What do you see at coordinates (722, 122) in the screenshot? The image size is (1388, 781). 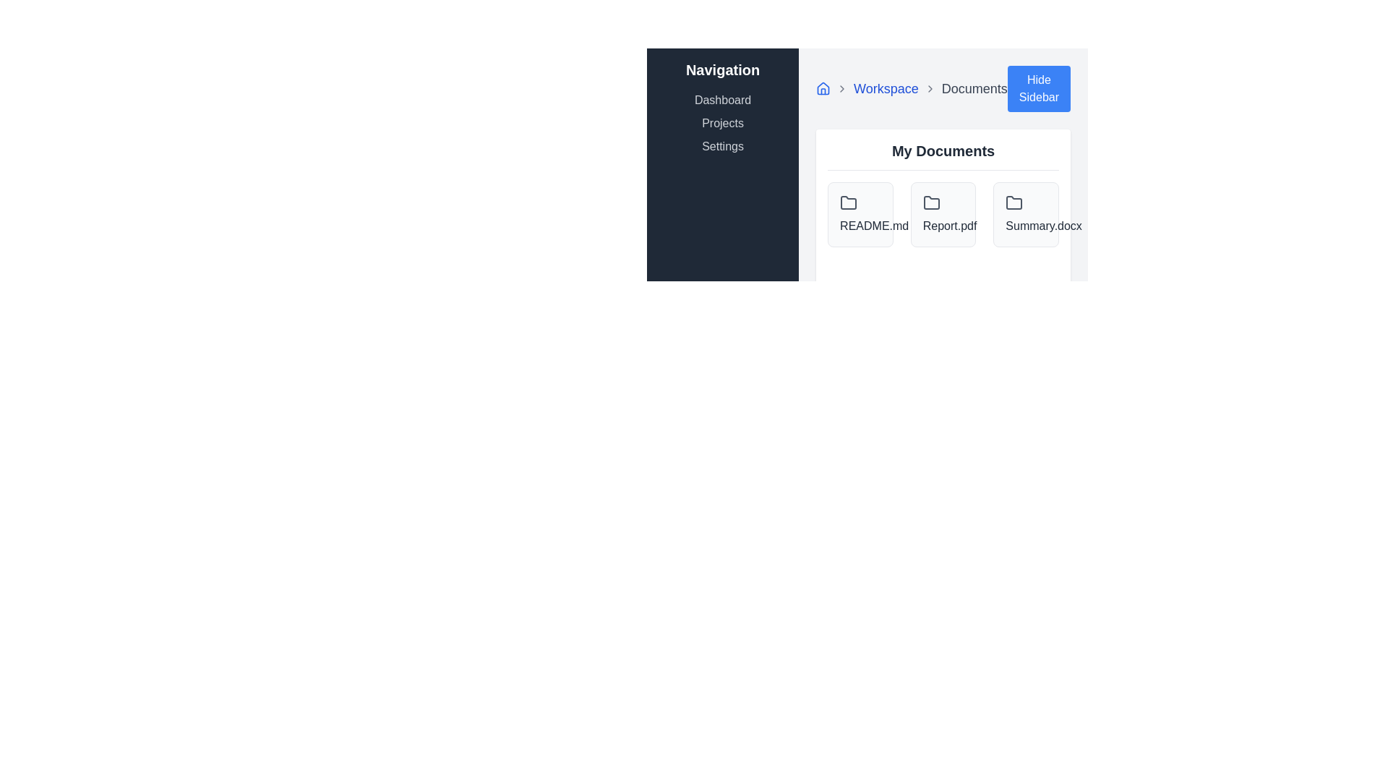 I see `the 'Projects' text label in the vertical navigation menu, which is the second item between 'Dashboard' and 'Settings'` at bounding box center [722, 122].